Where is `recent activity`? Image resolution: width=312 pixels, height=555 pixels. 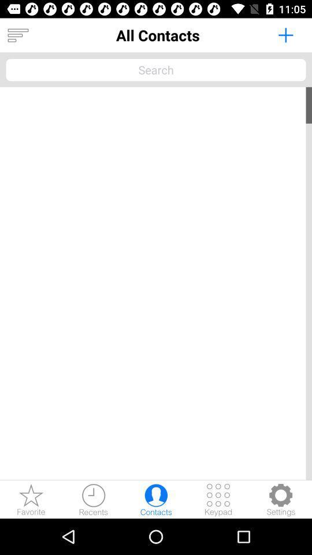 recent activity is located at coordinates (93, 499).